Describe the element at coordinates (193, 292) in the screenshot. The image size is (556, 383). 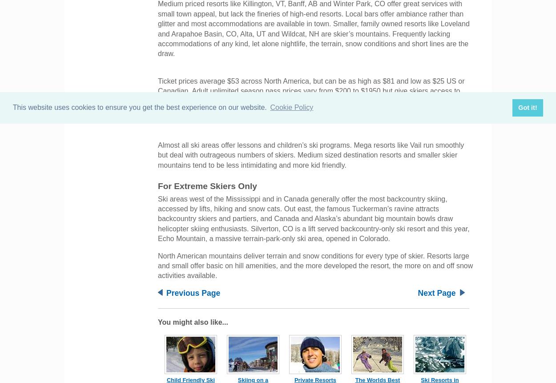
I see `'Previous Page'` at that location.